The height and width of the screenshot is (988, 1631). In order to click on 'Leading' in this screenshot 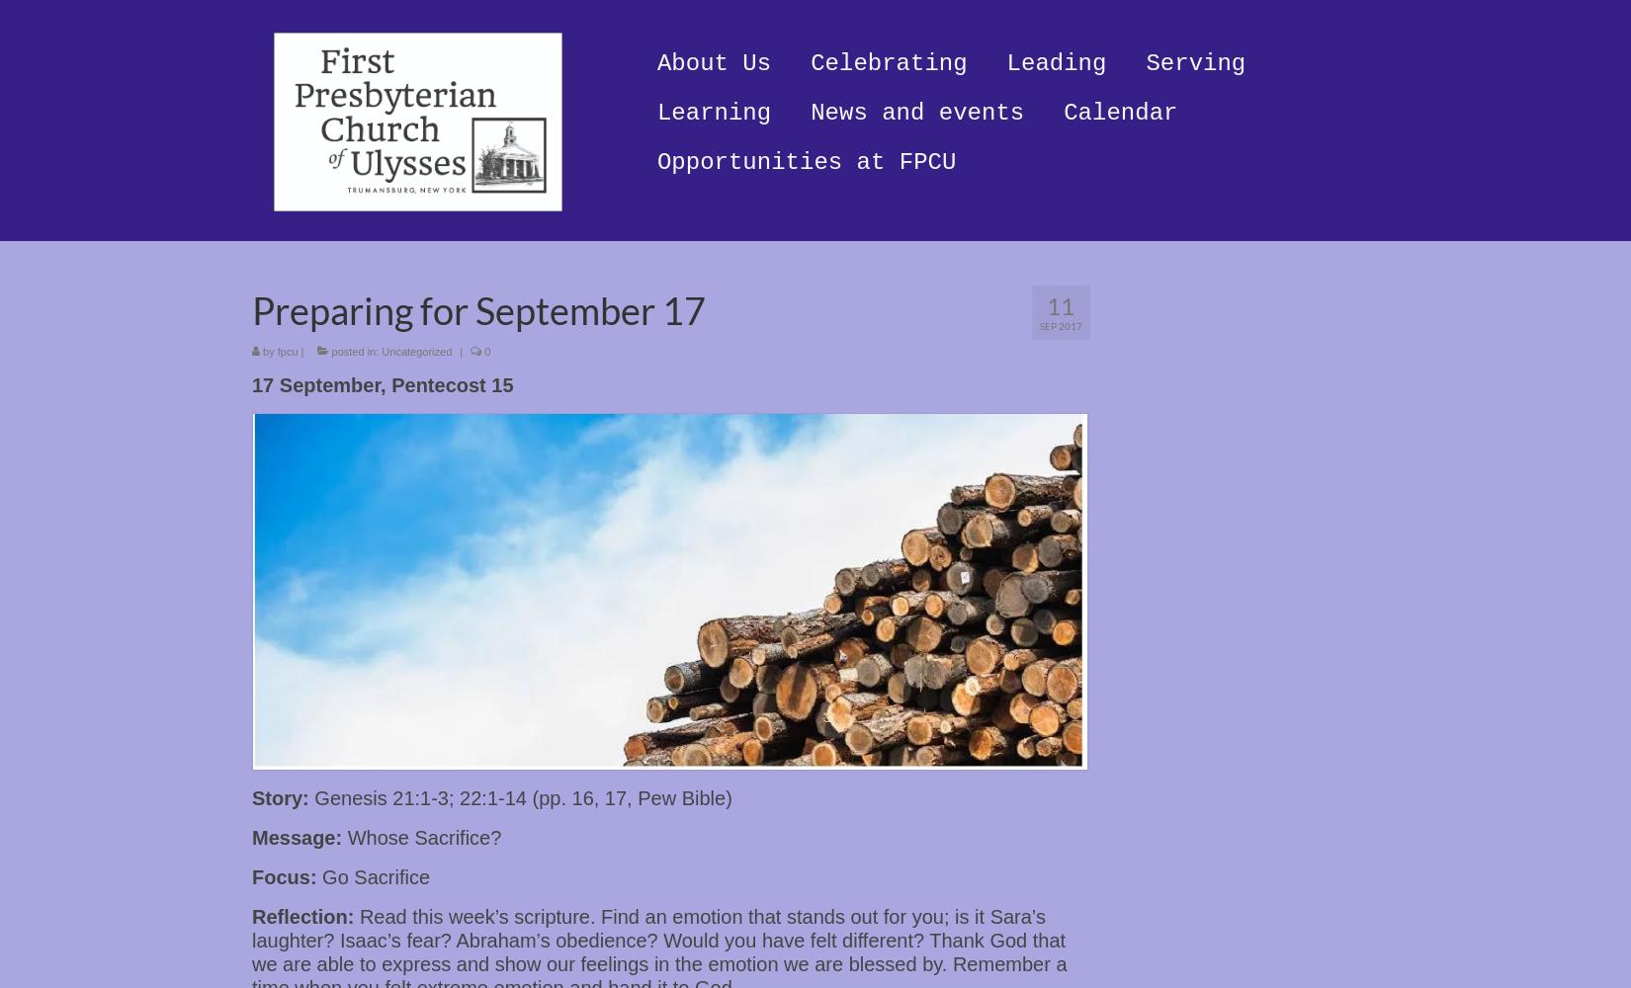, I will do `click(1056, 62)`.